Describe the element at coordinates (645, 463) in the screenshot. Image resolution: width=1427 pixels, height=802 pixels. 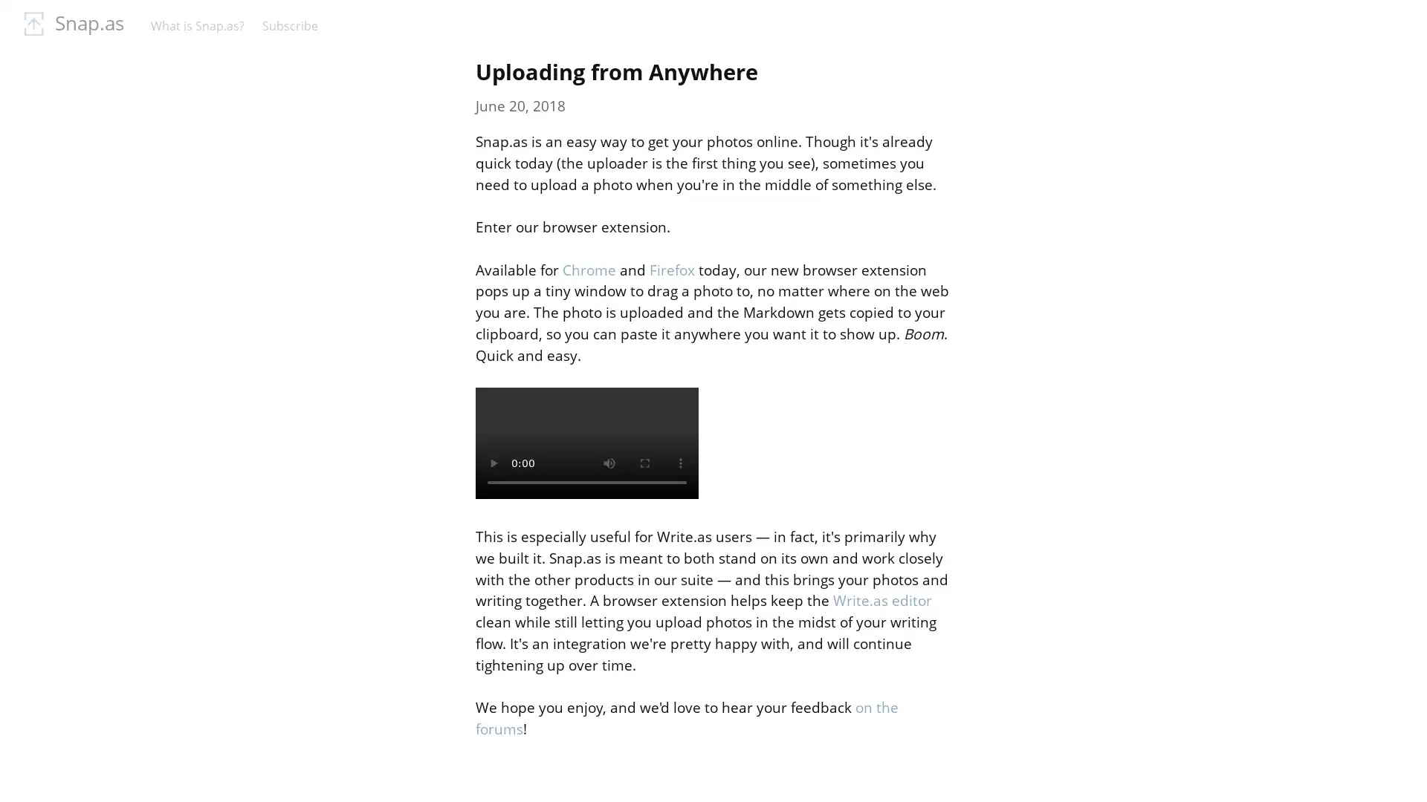
I see `enter full screen` at that location.